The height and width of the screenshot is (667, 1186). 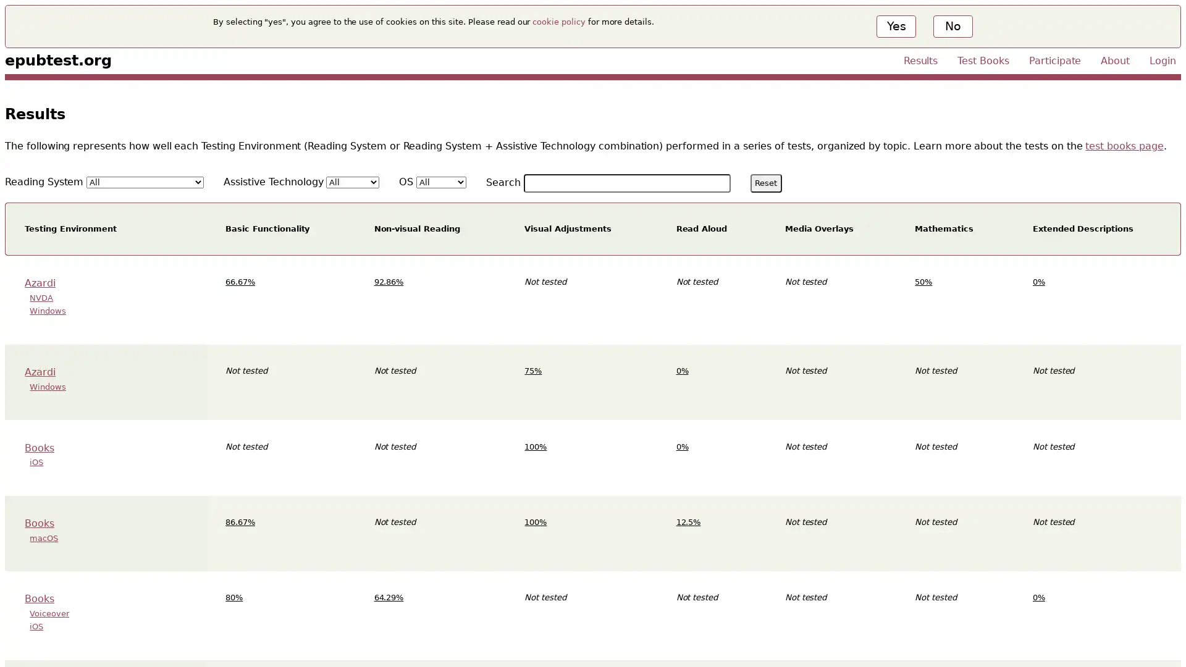 What do you see at coordinates (765, 183) in the screenshot?
I see `Reset` at bounding box center [765, 183].